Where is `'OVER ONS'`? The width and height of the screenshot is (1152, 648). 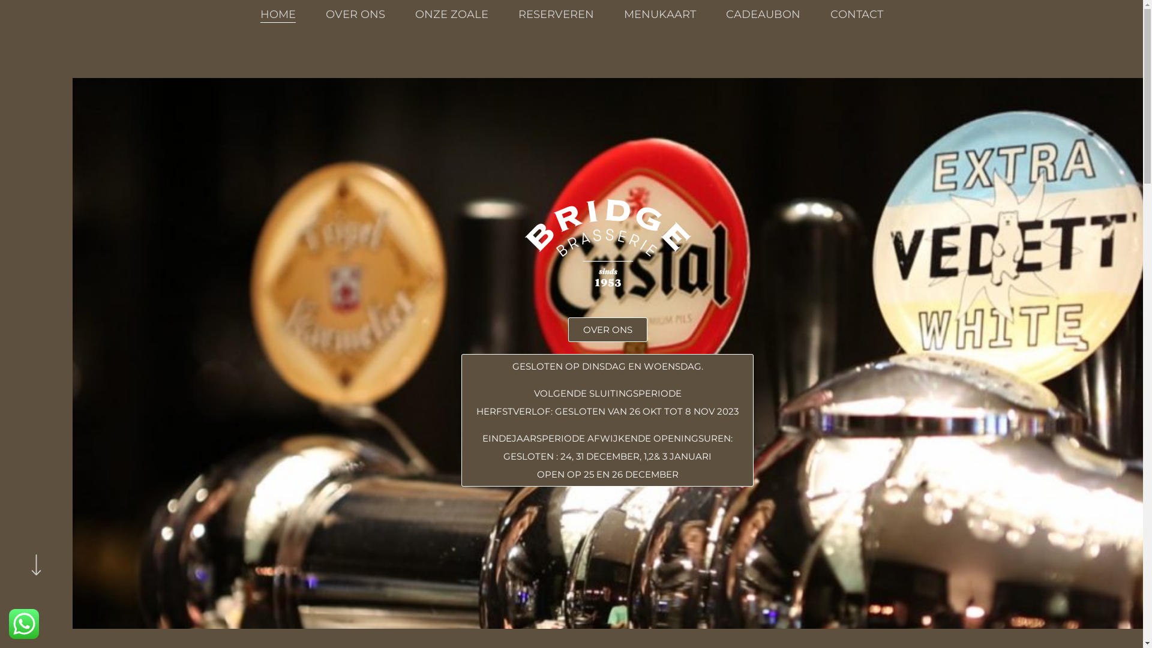 'OVER ONS' is located at coordinates (607, 329).